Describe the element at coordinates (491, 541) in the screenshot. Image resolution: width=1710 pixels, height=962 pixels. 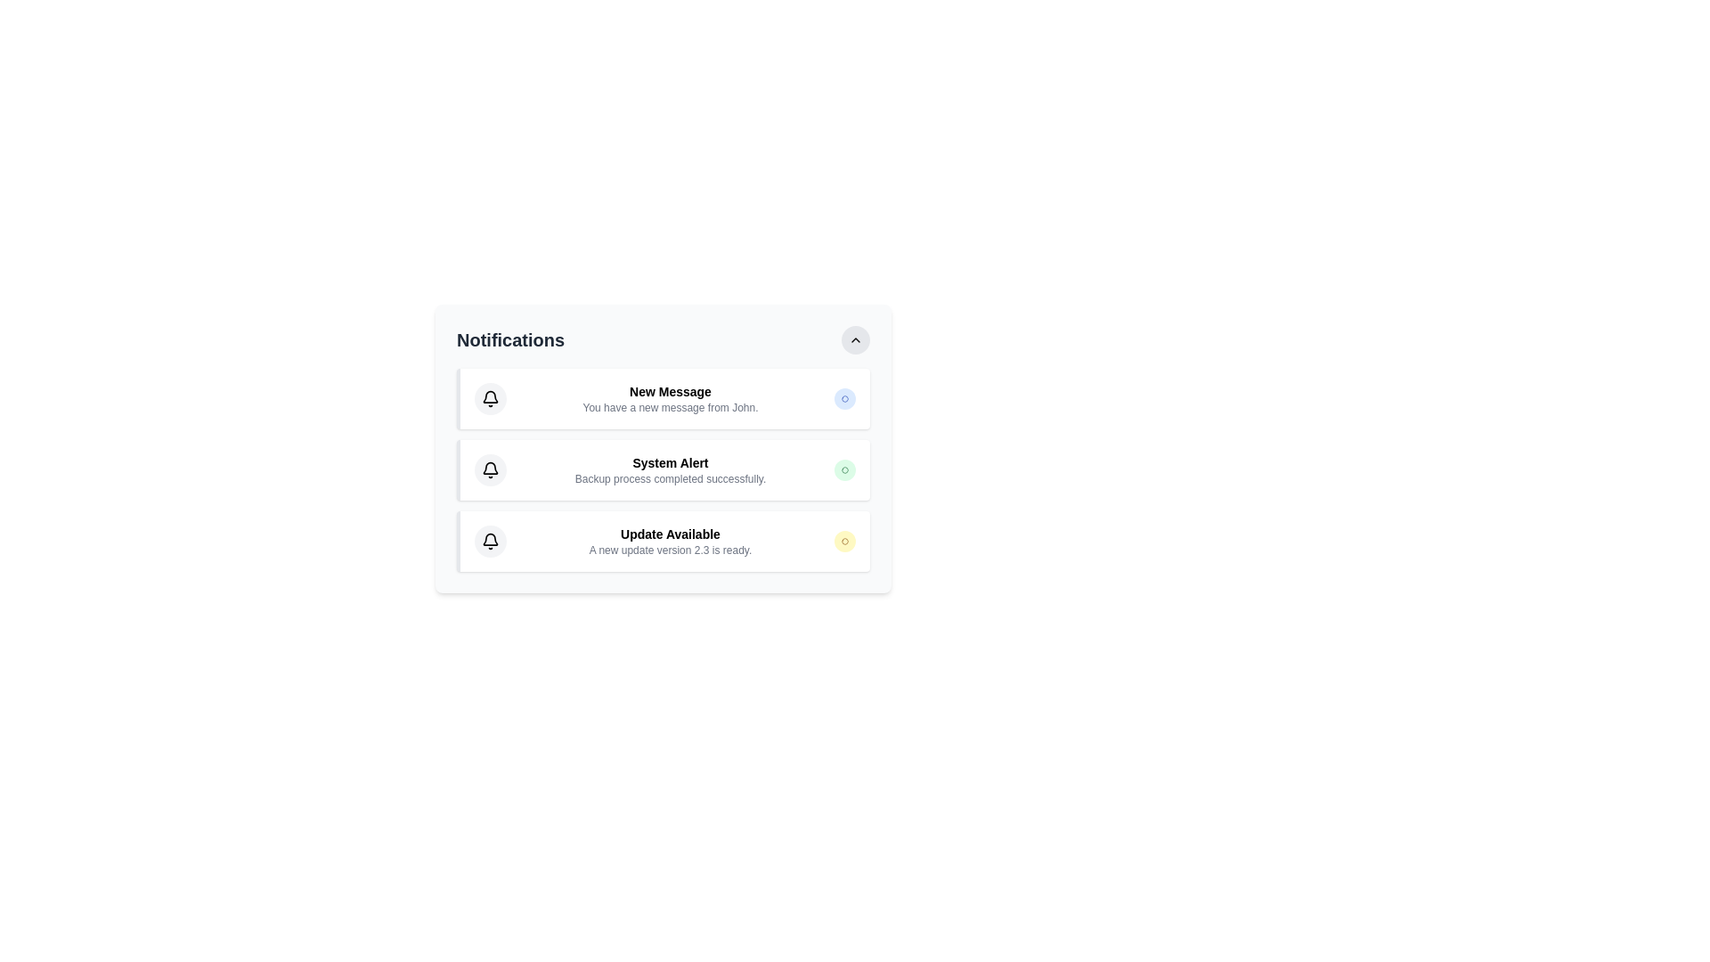
I see `the notification bell icon, which is a small circular button with a light gray background and a black outline, located at the top left corner of the 'Update Available' notification card` at that location.